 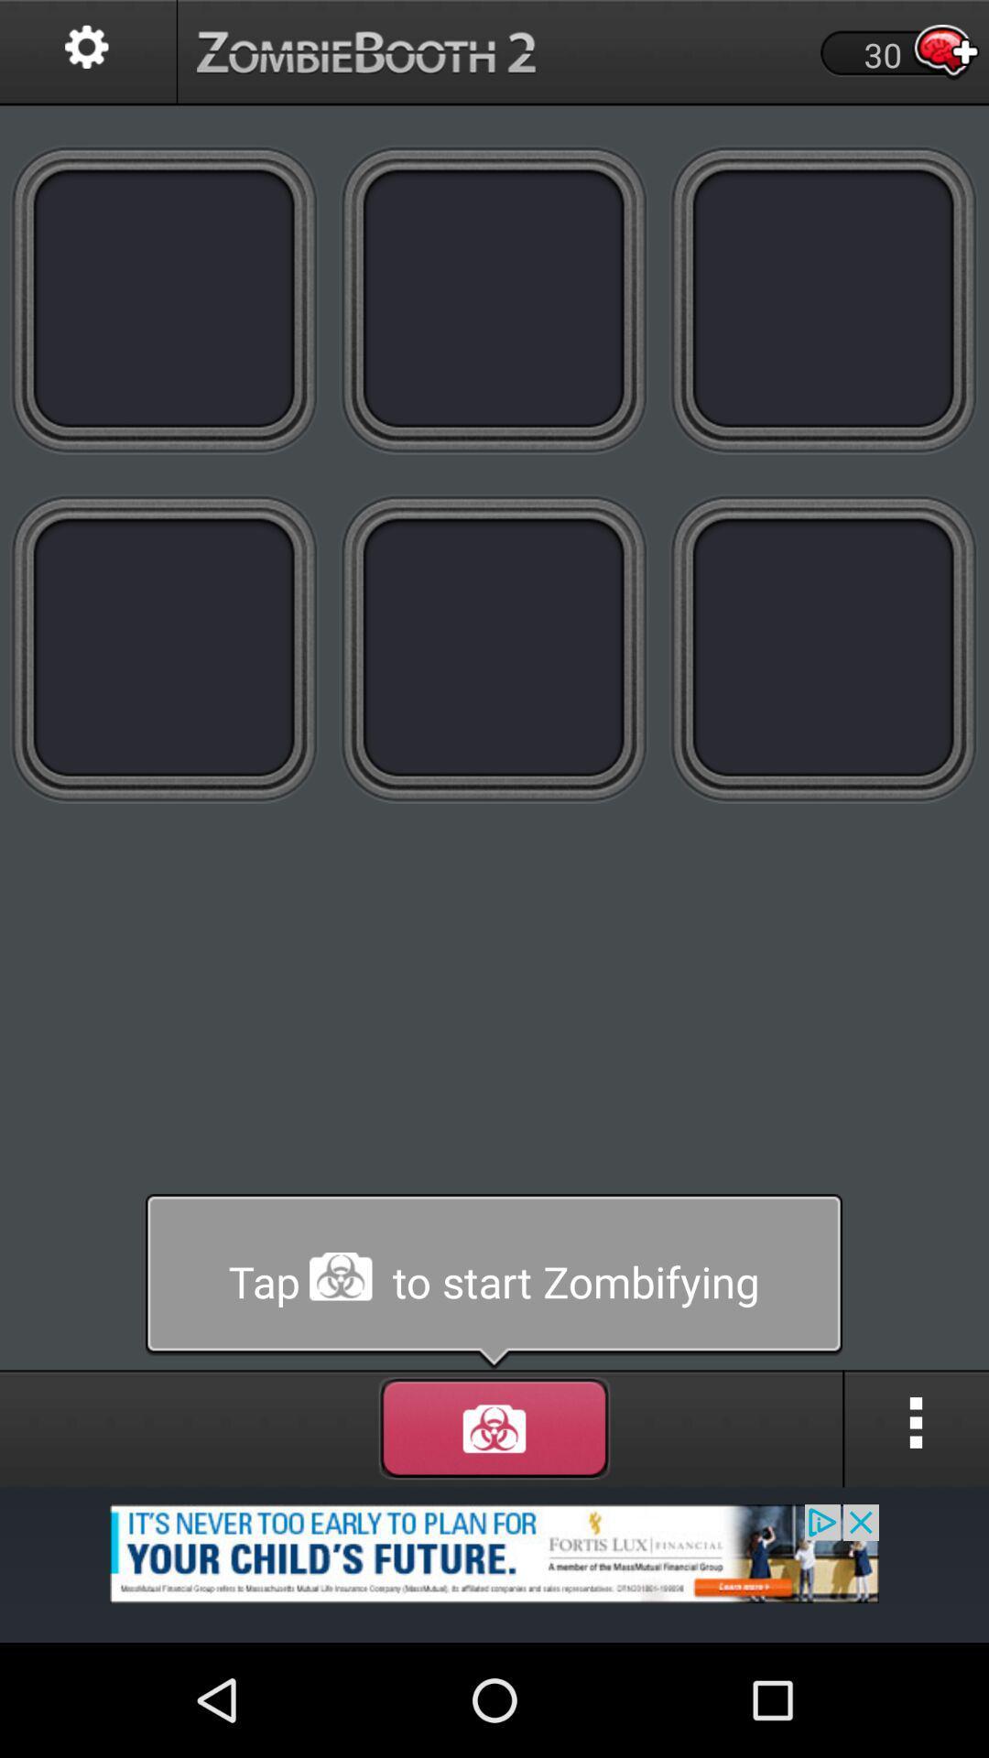 What do you see at coordinates (165, 298) in the screenshot?
I see `blank box button` at bounding box center [165, 298].